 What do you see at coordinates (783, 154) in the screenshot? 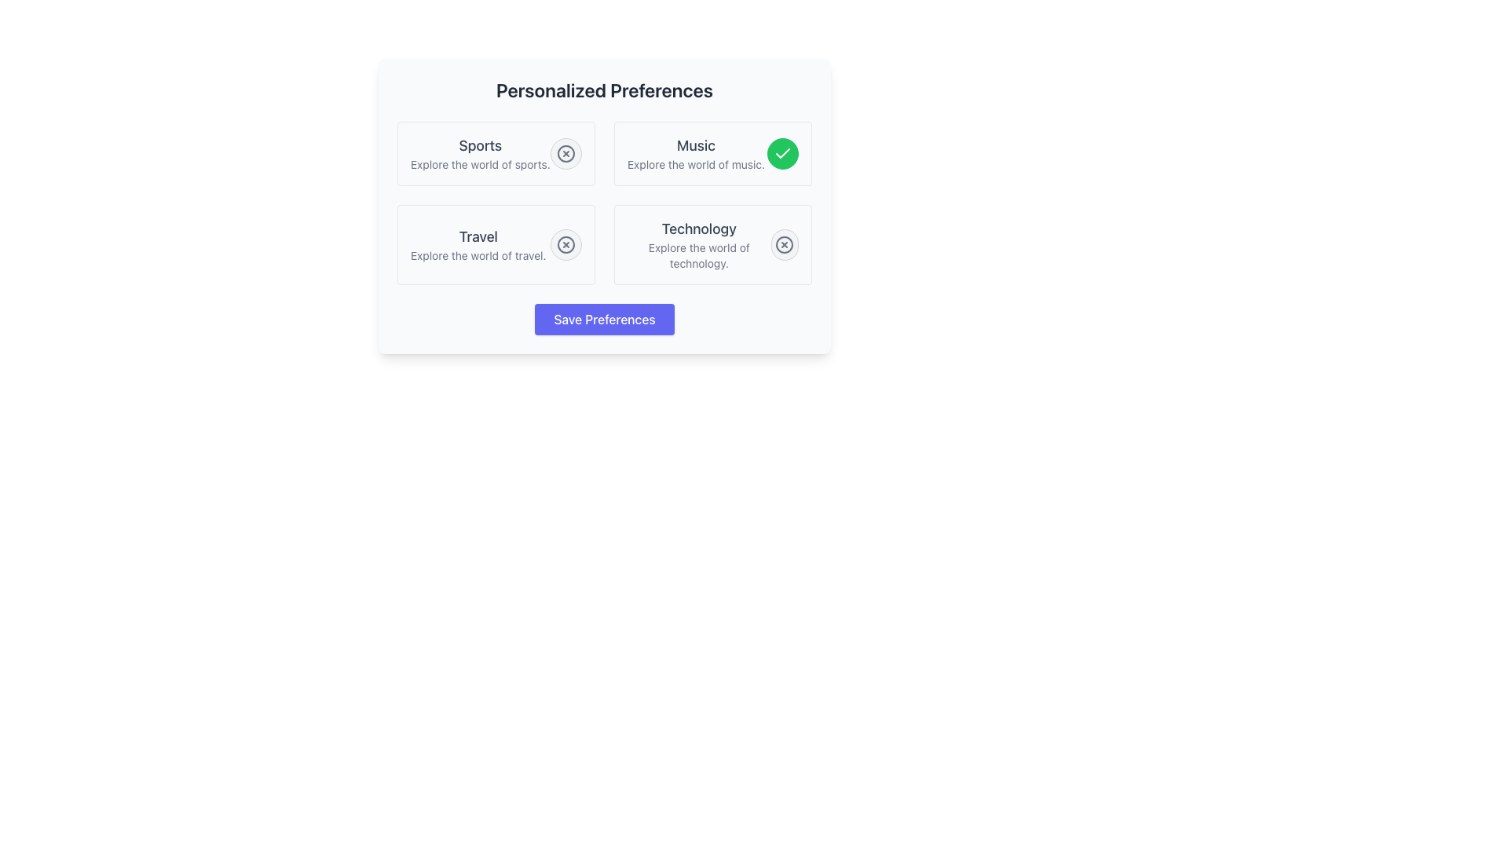
I see `the green circular selection indicator in the top-right corner of the 'Music' preference card to deselect the preference` at bounding box center [783, 154].